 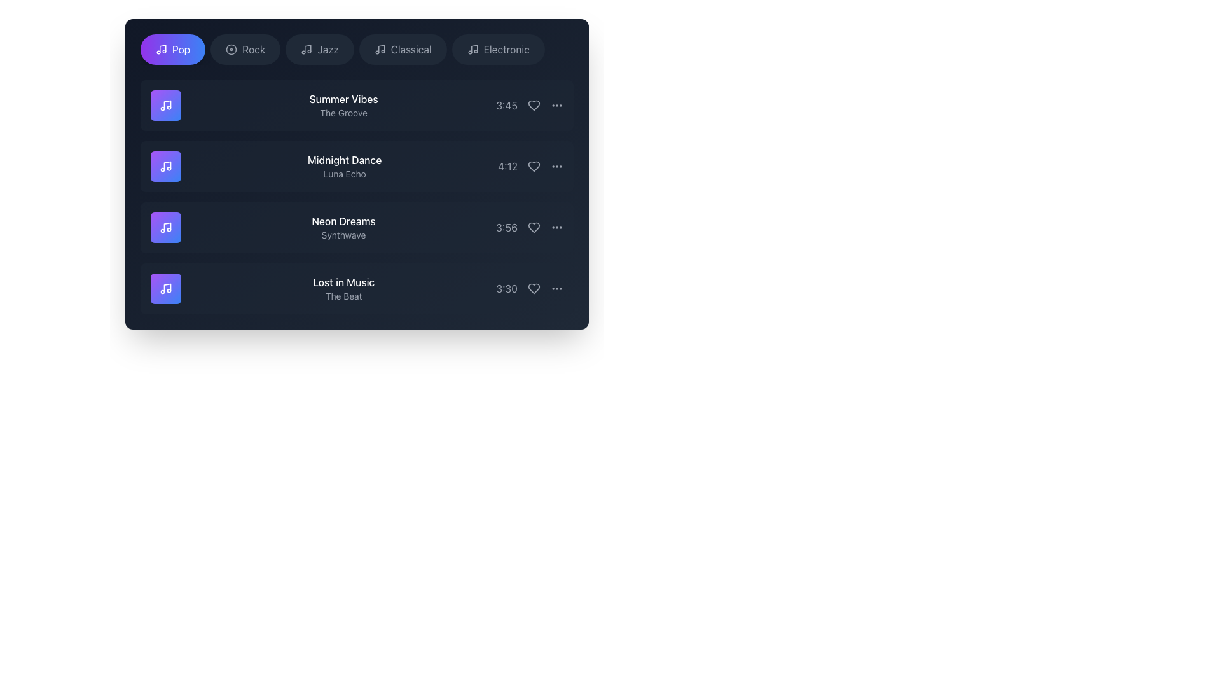 What do you see at coordinates (534, 104) in the screenshot?
I see `the favorite icon located to the right of the duration text '3:45' for the song 'Summer Vibes' by 'The Groove' to mark it as a favorite` at bounding box center [534, 104].